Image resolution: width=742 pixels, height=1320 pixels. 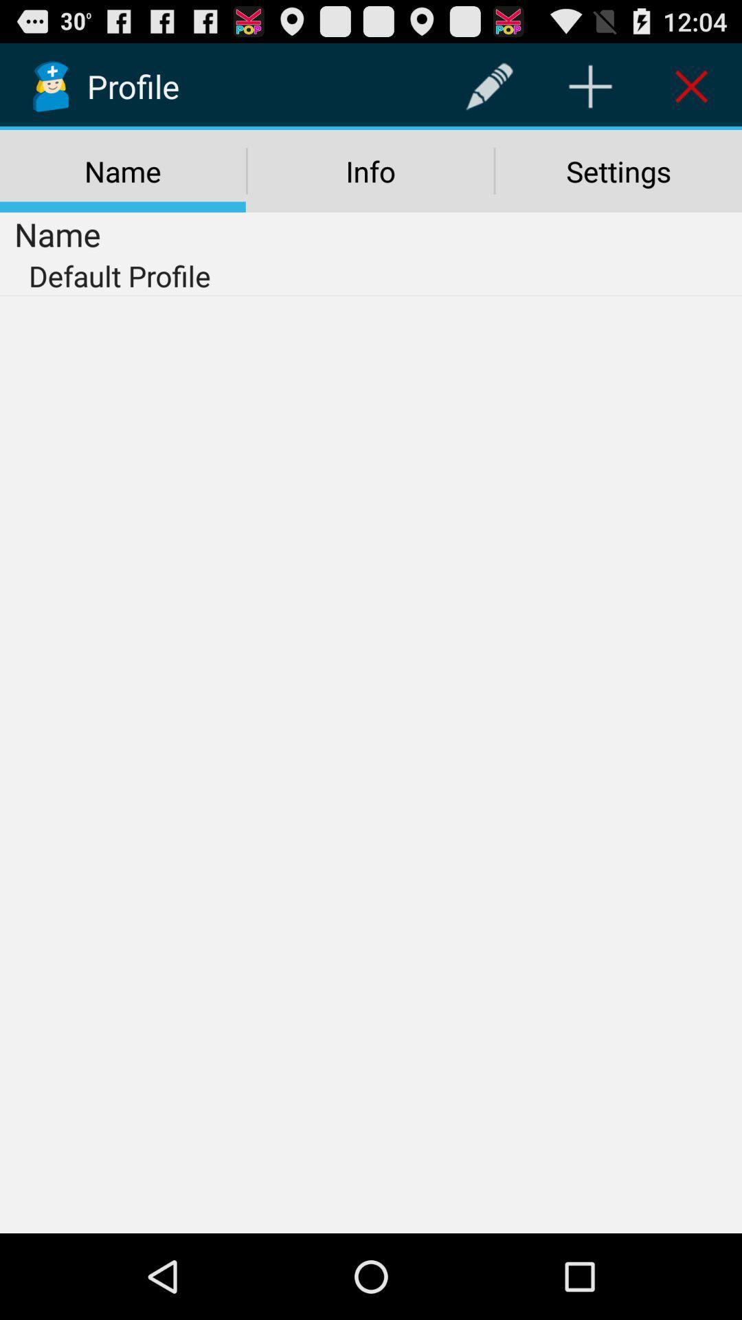 What do you see at coordinates (488, 85) in the screenshot?
I see `item next to name` at bounding box center [488, 85].